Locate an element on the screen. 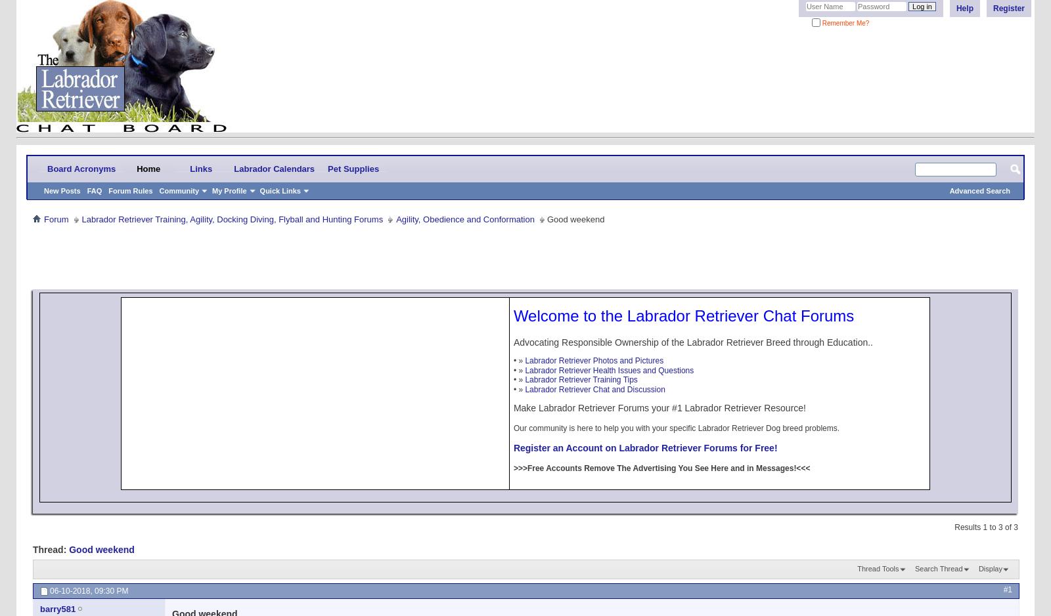  'New Posts' is located at coordinates (61, 190).